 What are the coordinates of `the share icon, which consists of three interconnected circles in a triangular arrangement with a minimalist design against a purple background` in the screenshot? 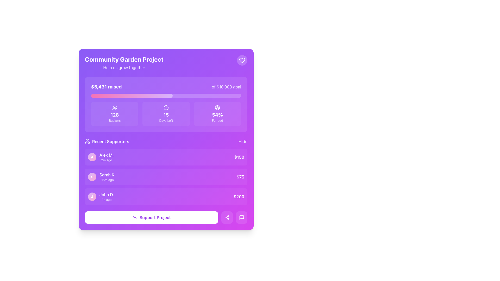 It's located at (227, 218).